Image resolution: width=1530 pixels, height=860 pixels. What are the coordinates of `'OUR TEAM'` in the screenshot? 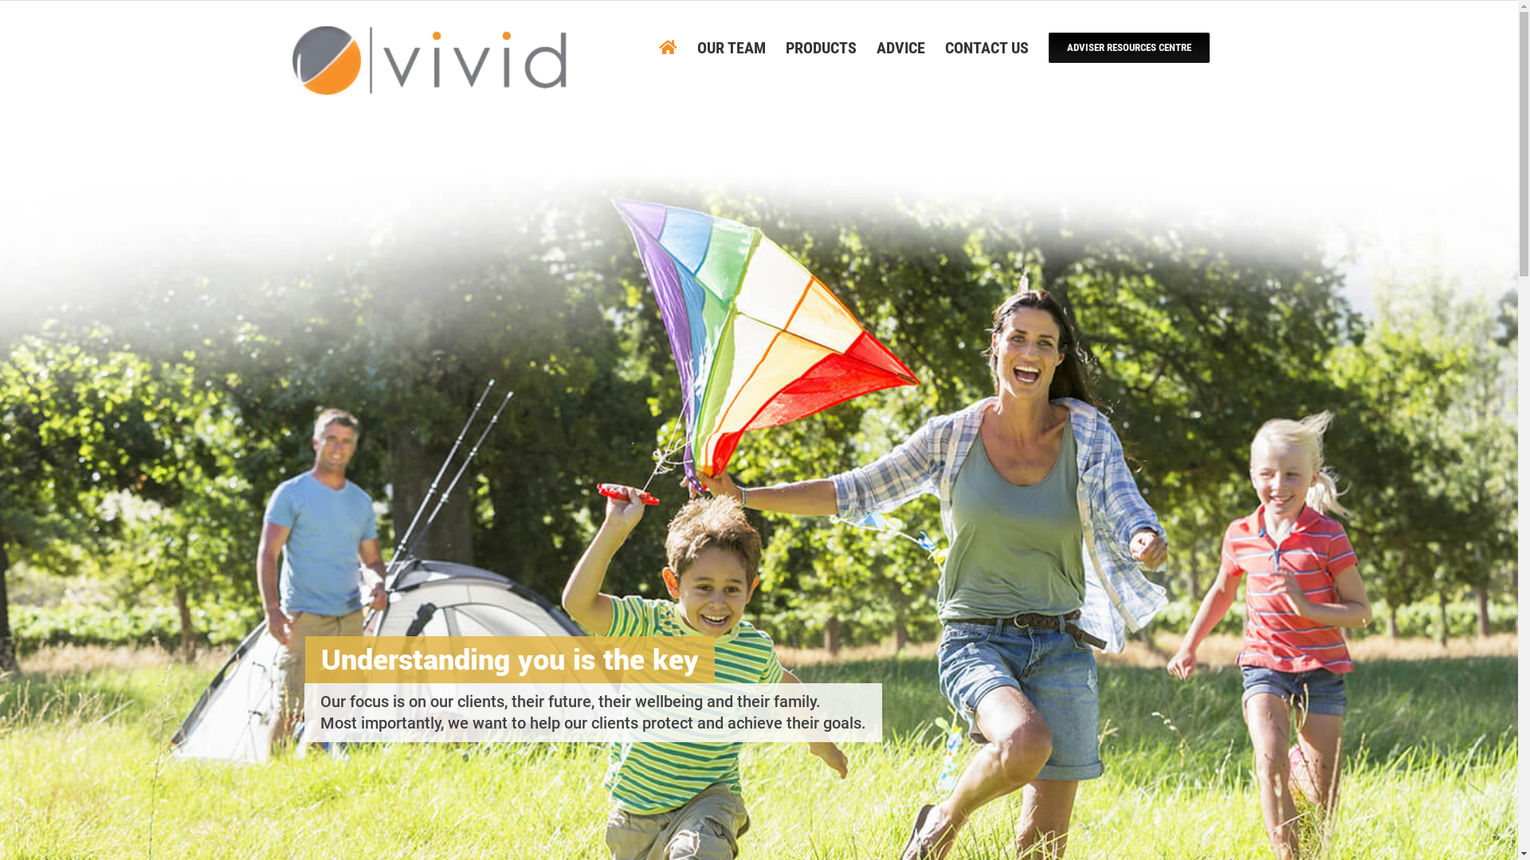 It's located at (696, 47).